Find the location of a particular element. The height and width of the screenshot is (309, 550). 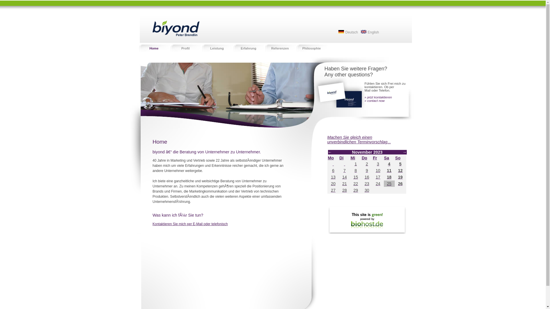

'Philosophie' is located at coordinates (311, 47).